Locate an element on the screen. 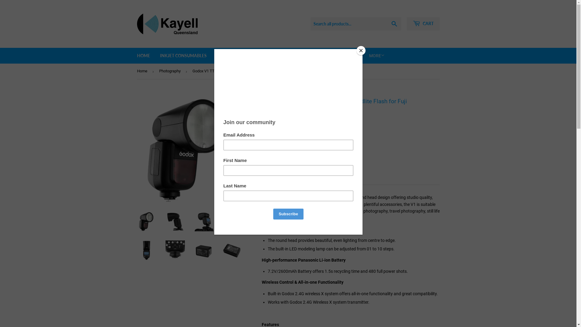 The height and width of the screenshot is (327, 581). 'INKJET CONSUMABLES' is located at coordinates (183, 56).